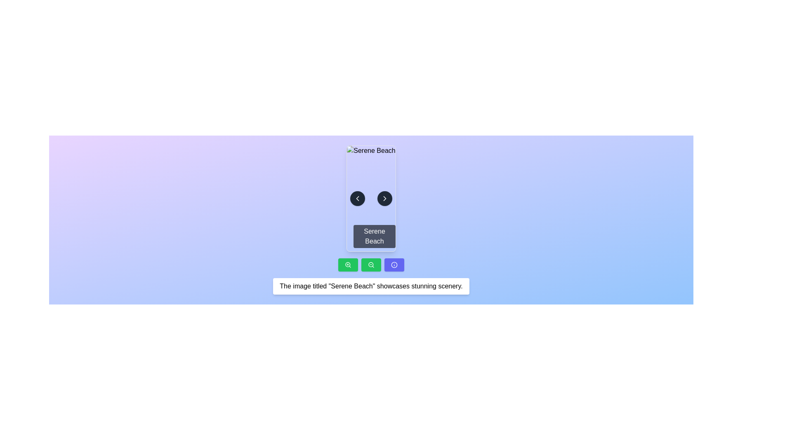 The height and width of the screenshot is (445, 792). Describe the element at coordinates (348, 265) in the screenshot. I see `the green zoom-in icon with a magnifying glass and plus sign located at the bottom left of the interface` at that location.